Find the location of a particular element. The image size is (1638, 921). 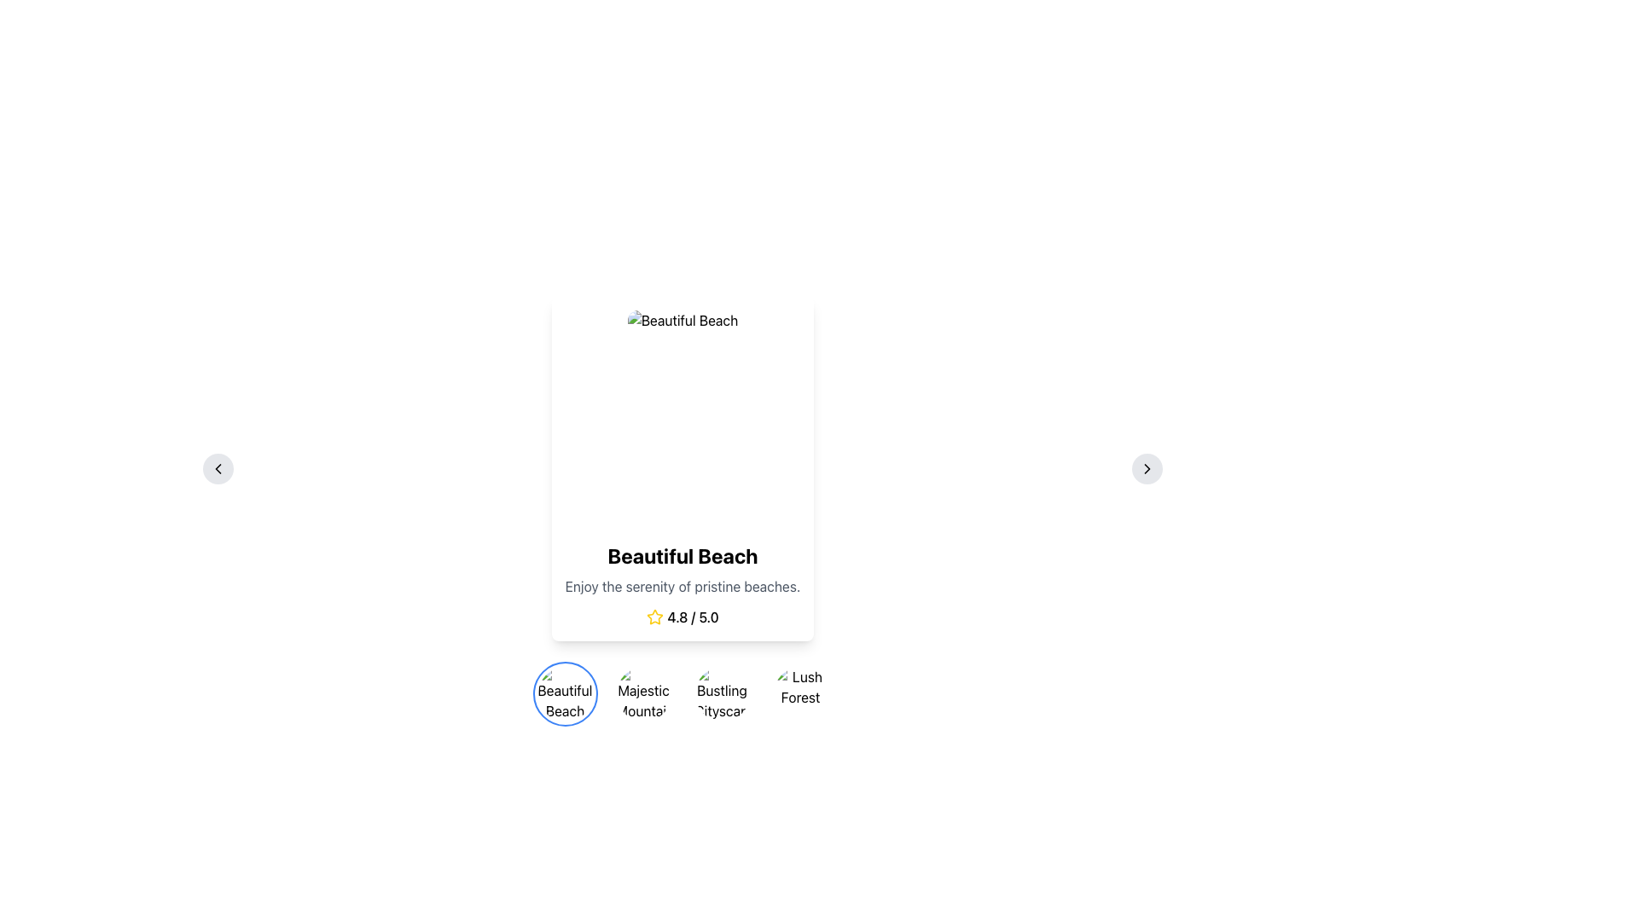

the navigation button located to the left of the 'Beautiful Beach' content block is located at coordinates (217, 469).